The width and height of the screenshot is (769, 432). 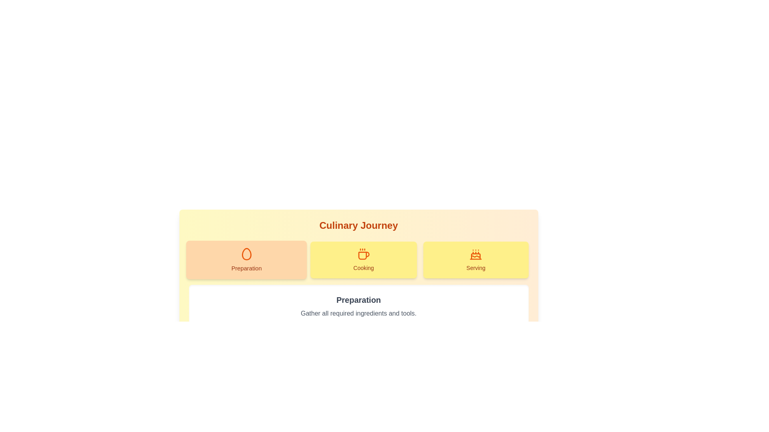 What do you see at coordinates (476, 256) in the screenshot?
I see `the base portion of the SVG cake icon located centrally within the 'Serving' section of the icon` at bounding box center [476, 256].